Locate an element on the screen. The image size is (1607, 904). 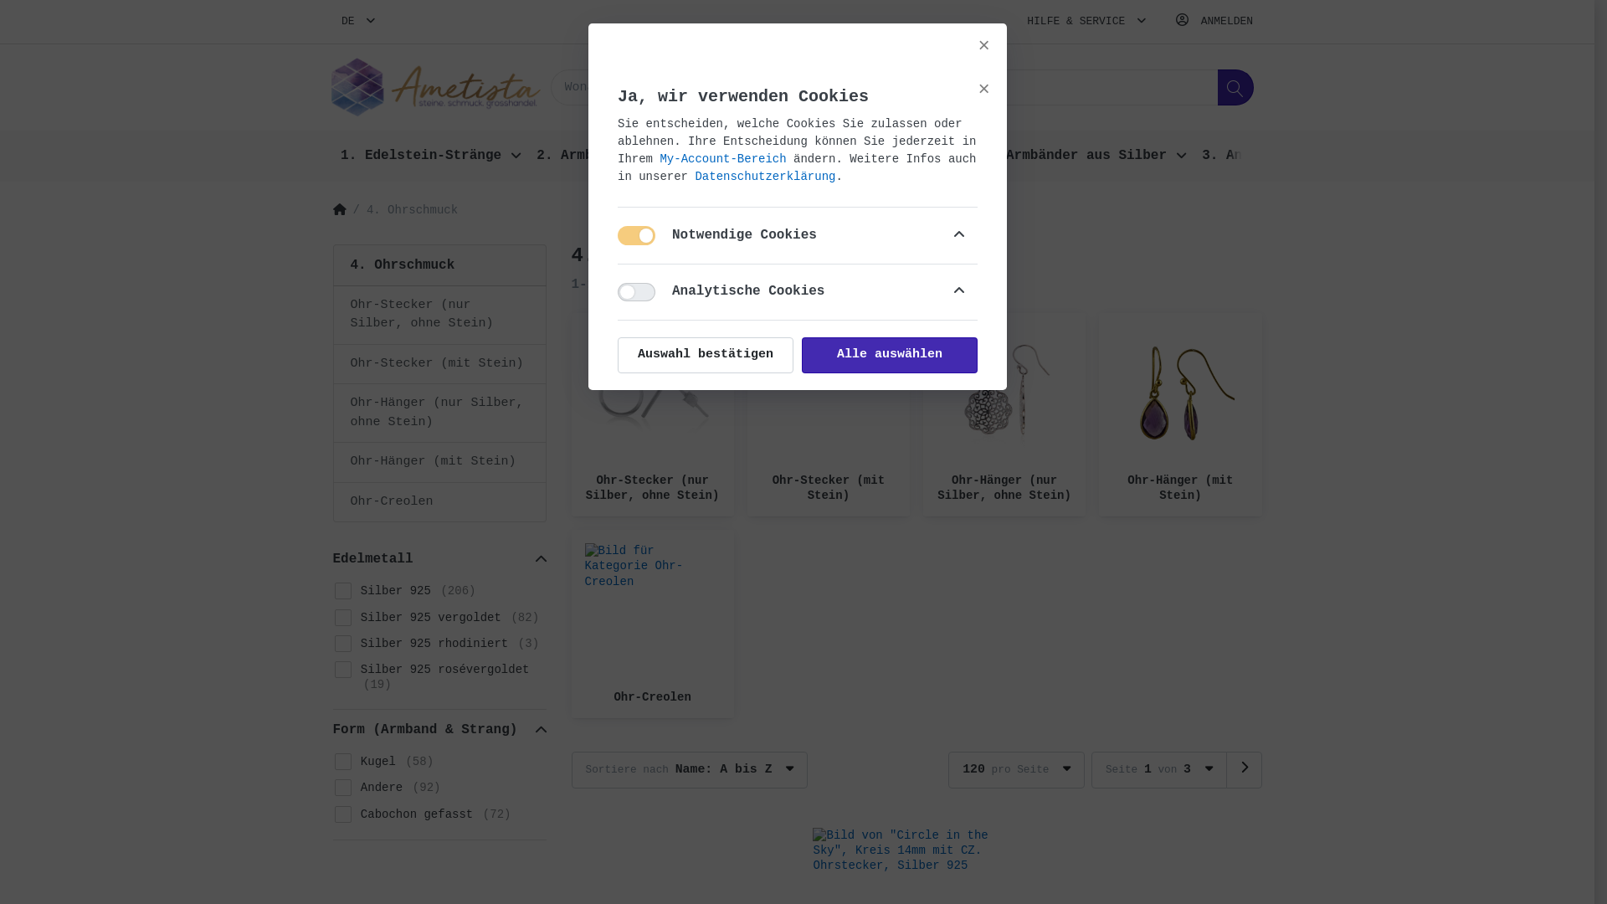
'DE' is located at coordinates (357, 22).